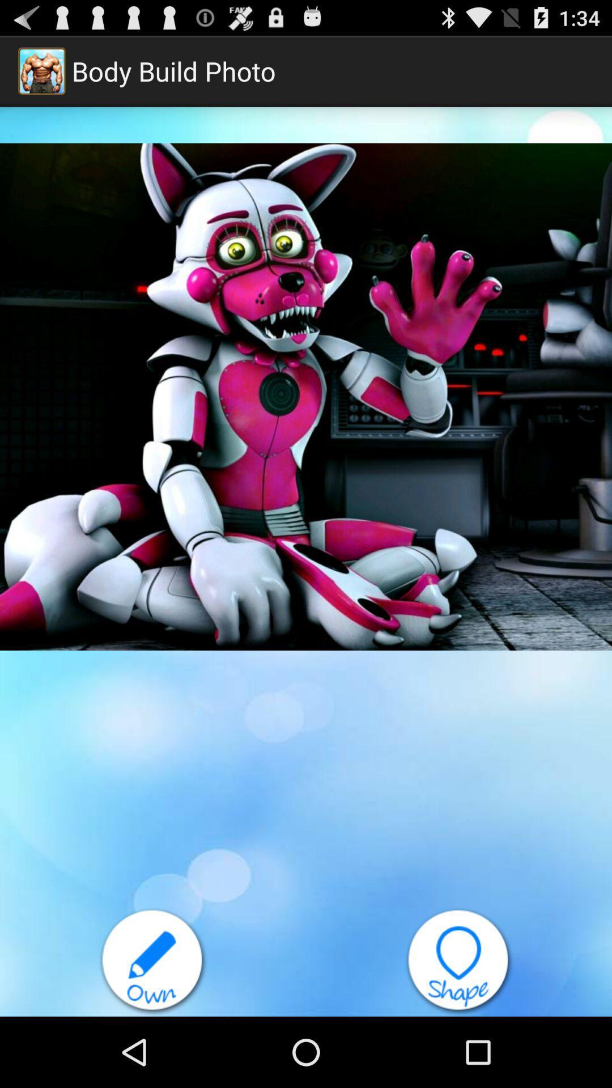 The width and height of the screenshot is (612, 1088). I want to click on make your own style, so click(153, 961).